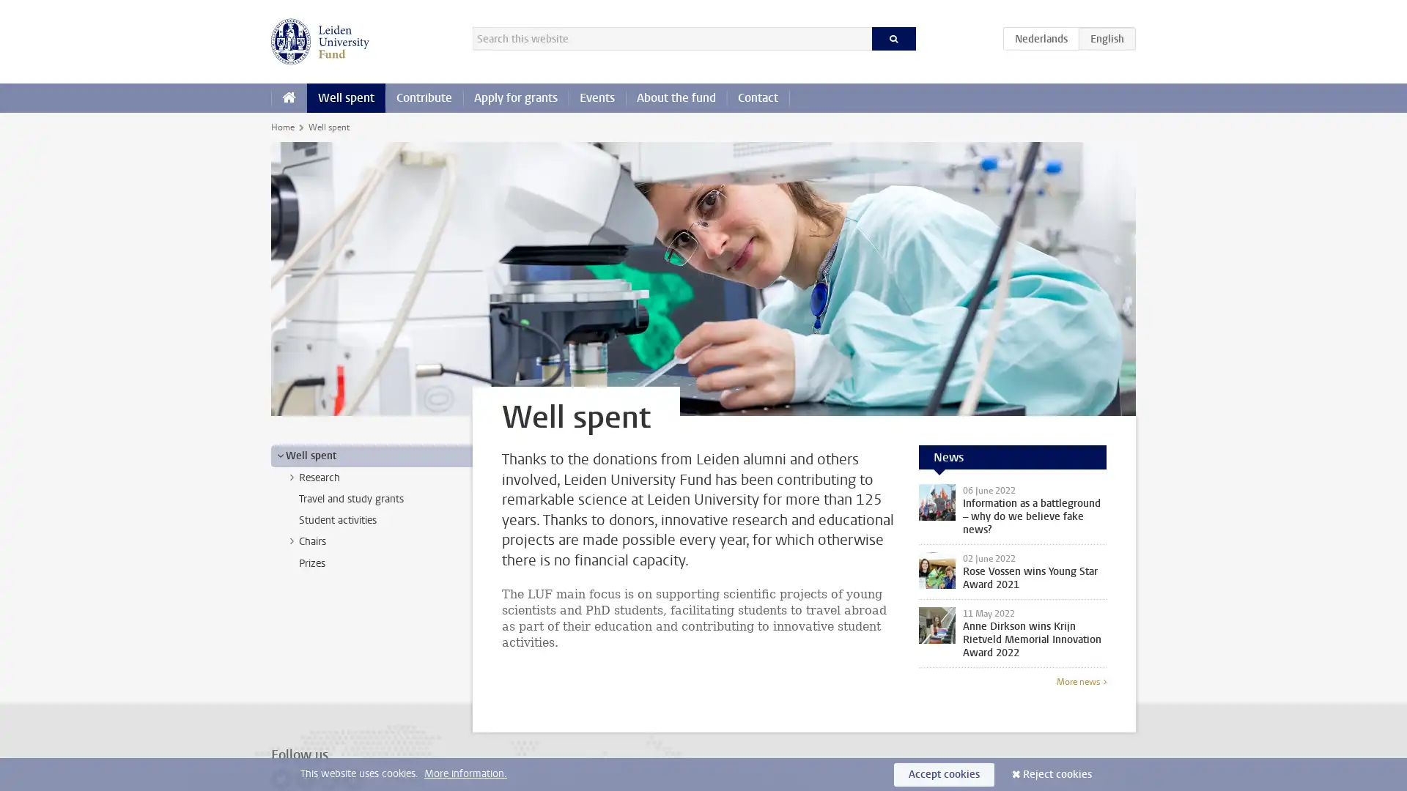 The width and height of the screenshot is (1407, 791). I want to click on >, so click(292, 541).